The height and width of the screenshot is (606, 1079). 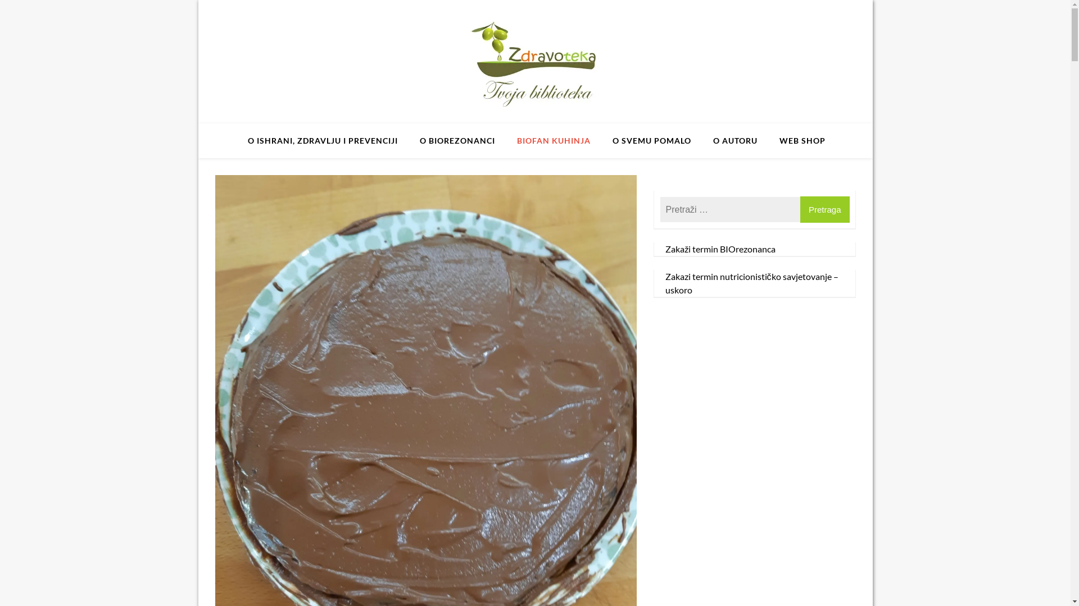 I want to click on 'O BIOREZONANCI', so click(x=457, y=140).